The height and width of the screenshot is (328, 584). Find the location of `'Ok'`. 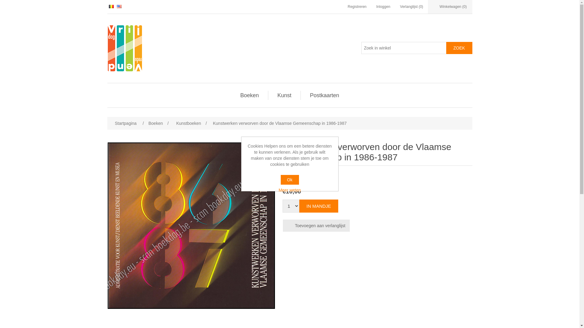

'Ok' is located at coordinates (280, 179).